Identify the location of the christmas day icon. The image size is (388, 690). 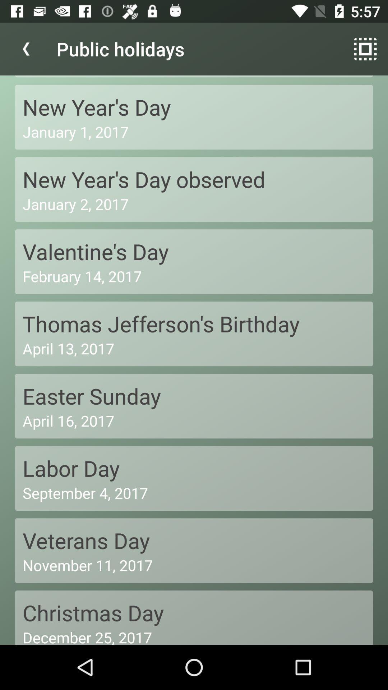
(194, 612).